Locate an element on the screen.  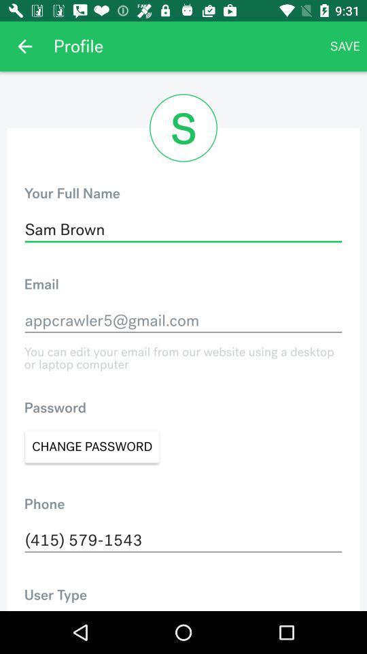
icon next to the profile app is located at coordinates (24, 46).